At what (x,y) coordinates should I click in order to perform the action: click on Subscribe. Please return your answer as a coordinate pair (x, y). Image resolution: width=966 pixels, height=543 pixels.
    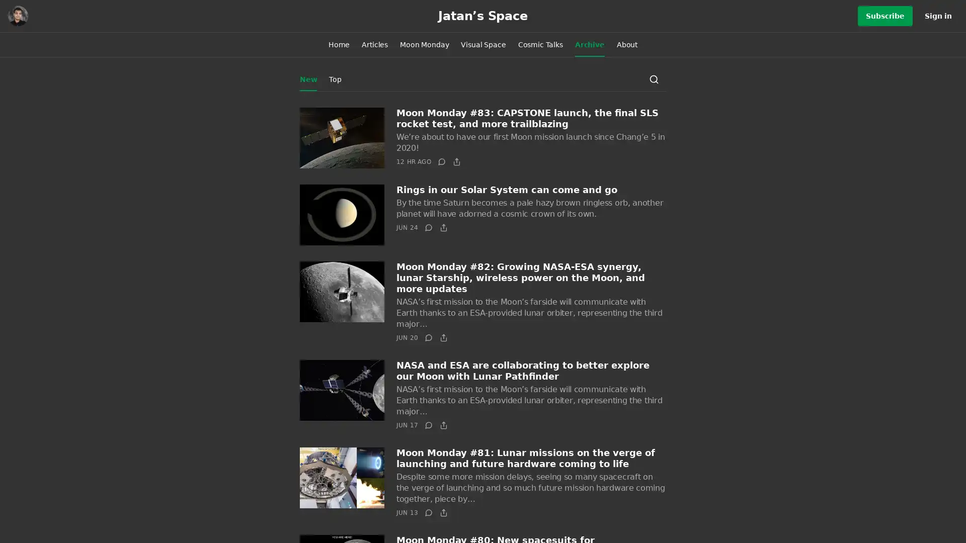
    Looking at the image, I should click on (884, 16).